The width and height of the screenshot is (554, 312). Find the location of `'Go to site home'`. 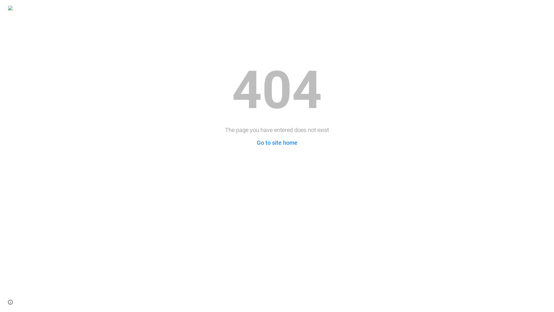

'Go to site home' is located at coordinates (256, 142).